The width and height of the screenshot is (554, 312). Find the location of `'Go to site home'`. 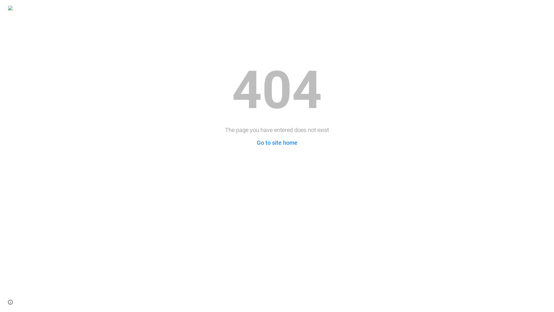

'Go to site home' is located at coordinates (256, 142).